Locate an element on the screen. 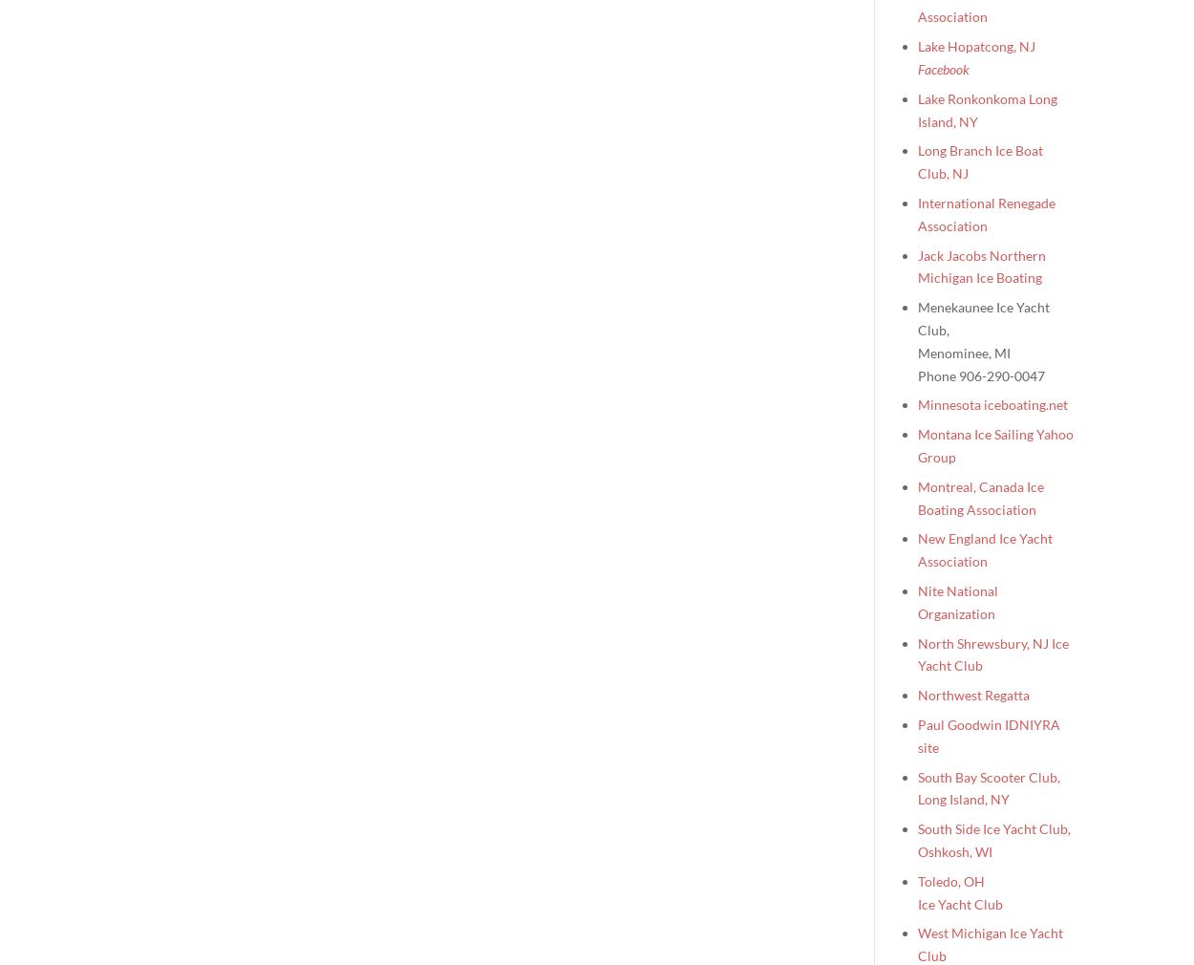  'West Michigan Ice Yacht Club' is located at coordinates (991, 944).